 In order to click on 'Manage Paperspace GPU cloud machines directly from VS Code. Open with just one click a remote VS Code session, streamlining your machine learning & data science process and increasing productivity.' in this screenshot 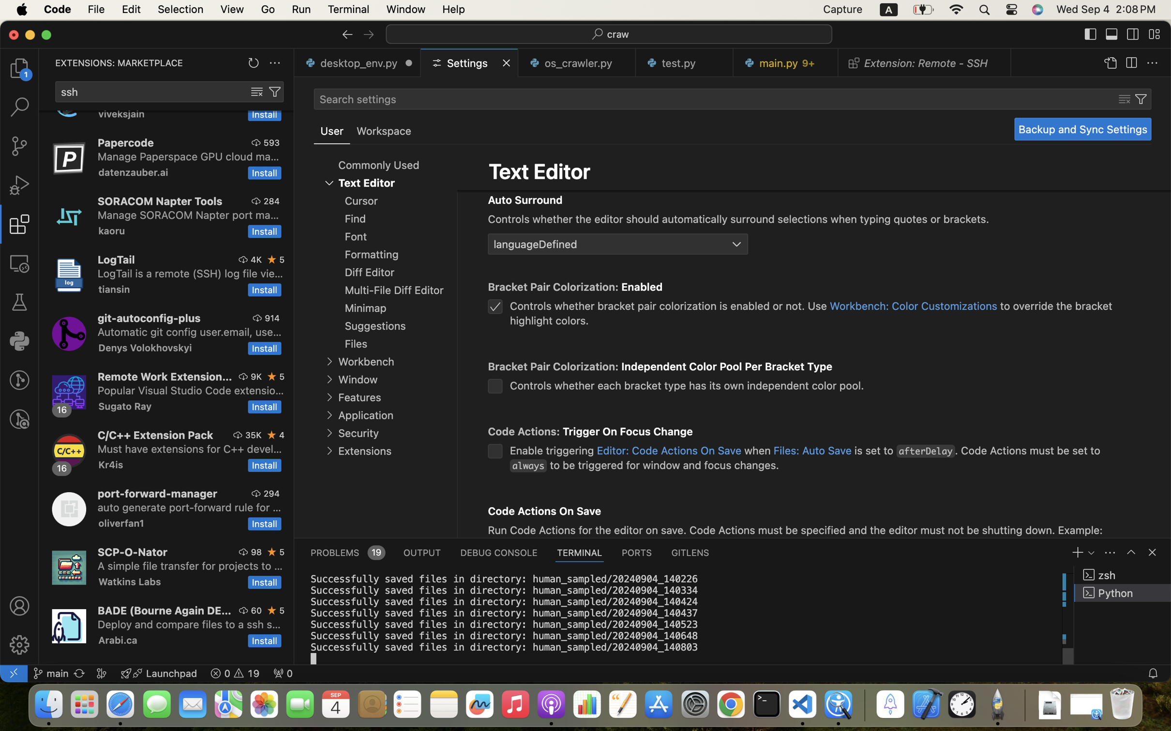, I will do `click(188, 156)`.